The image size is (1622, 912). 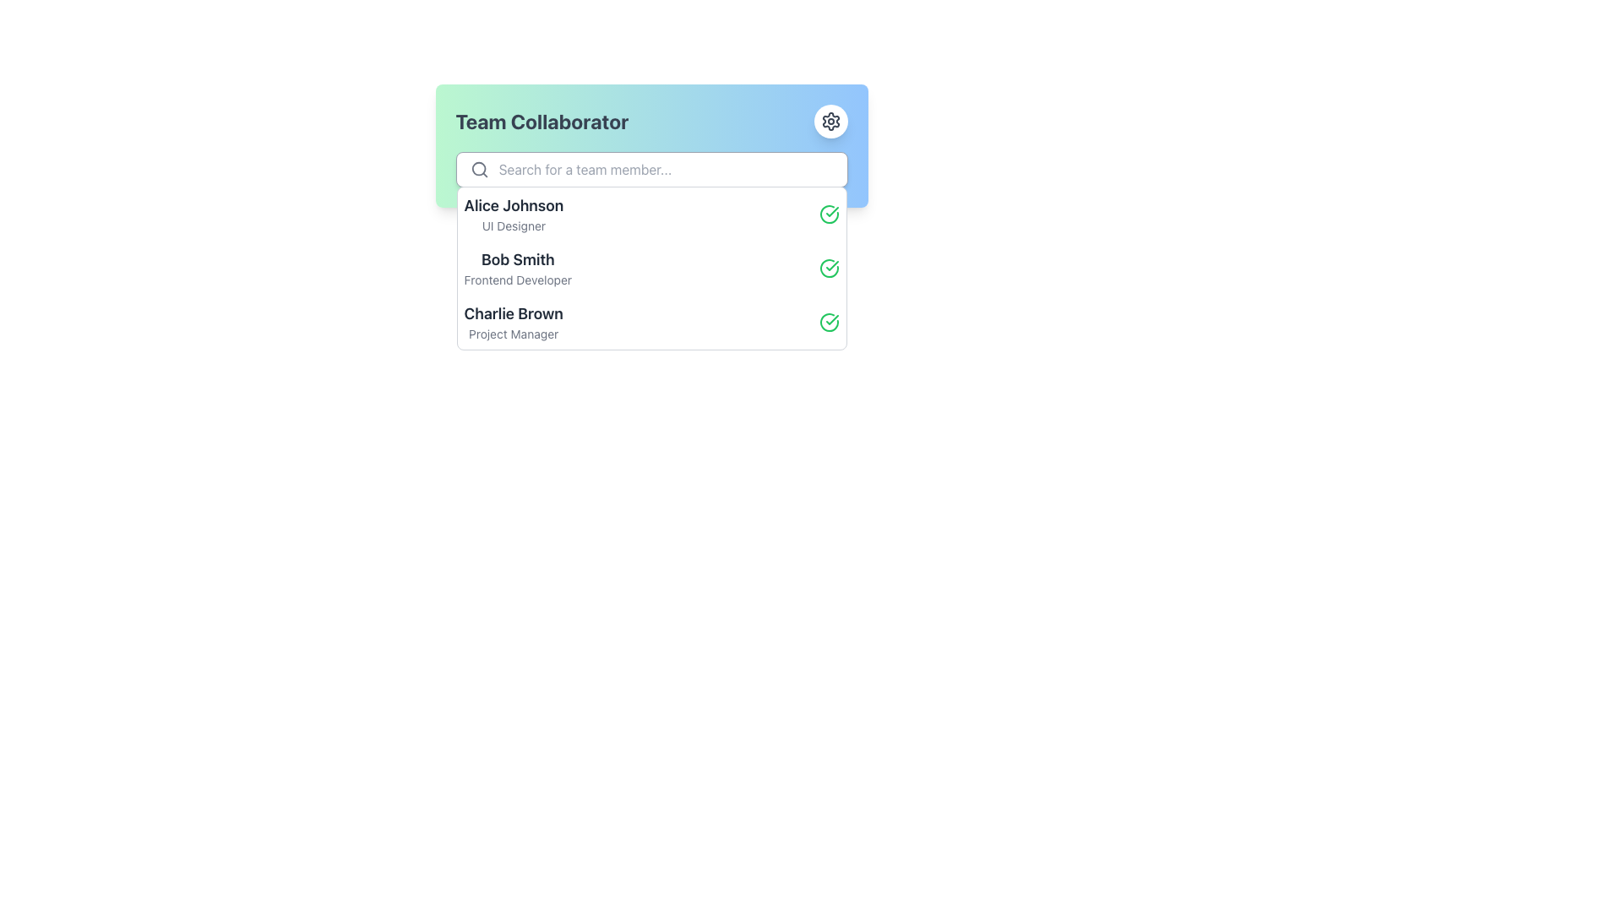 I want to click on text of the name label displaying 'Alice Johnson', which is styled in bold and larger font, rendered in dark gray color, and positioned above the role description 'UI Designer' in the user list, so click(x=513, y=204).